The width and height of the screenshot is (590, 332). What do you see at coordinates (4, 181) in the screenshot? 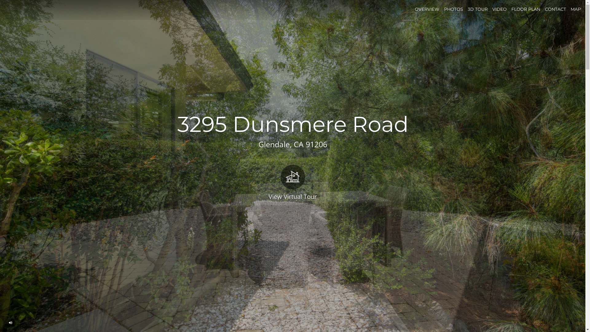
I see `'View Virtual Tour'` at bounding box center [4, 181].